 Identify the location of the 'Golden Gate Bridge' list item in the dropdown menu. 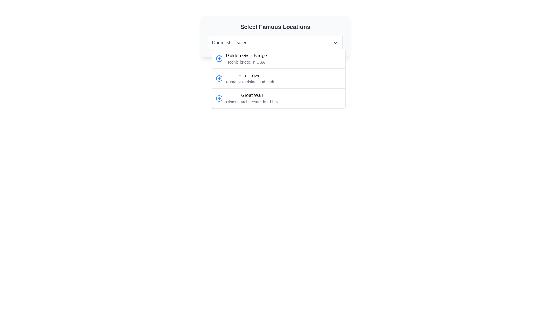
(246, 59).